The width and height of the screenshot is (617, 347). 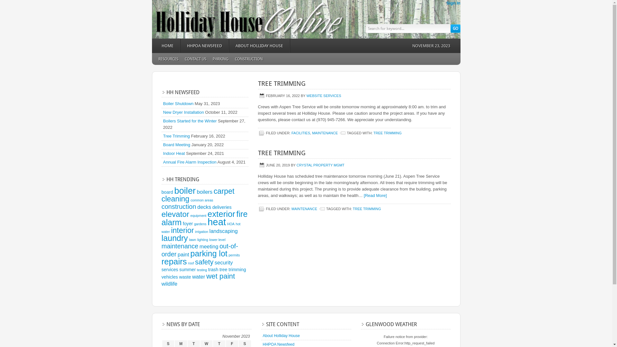 What do you see at coordinates (179, 276) in the screenshot?
I see `'waste'` at bounding box center [179, 276].